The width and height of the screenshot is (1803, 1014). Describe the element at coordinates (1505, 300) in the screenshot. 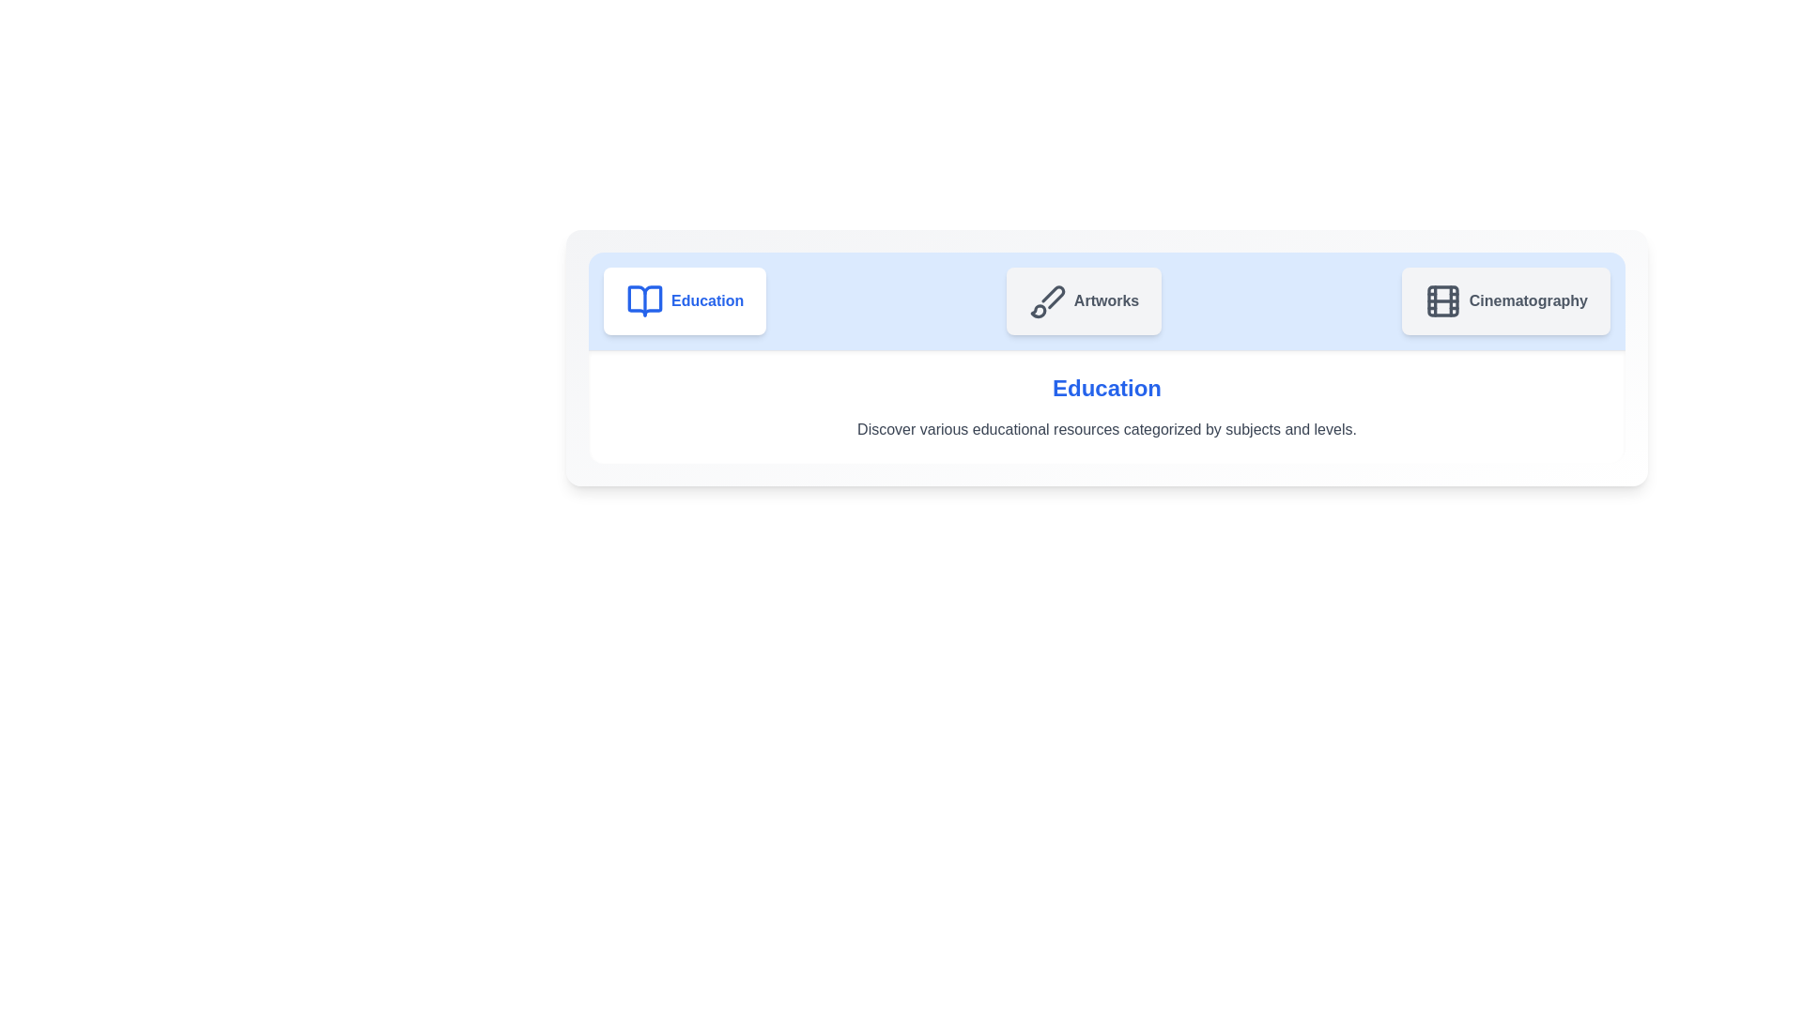

I see `the Cinematography tab to navigate to its content` at that location.